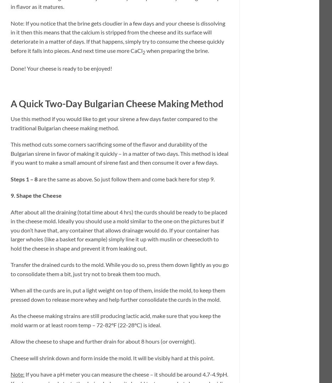 Image resolution: width=332 pixels, height=383 pixels. I want to click on 'Allow the cheese to shape and further drain for about 8 hours (or overnight).', so click(10, 341).